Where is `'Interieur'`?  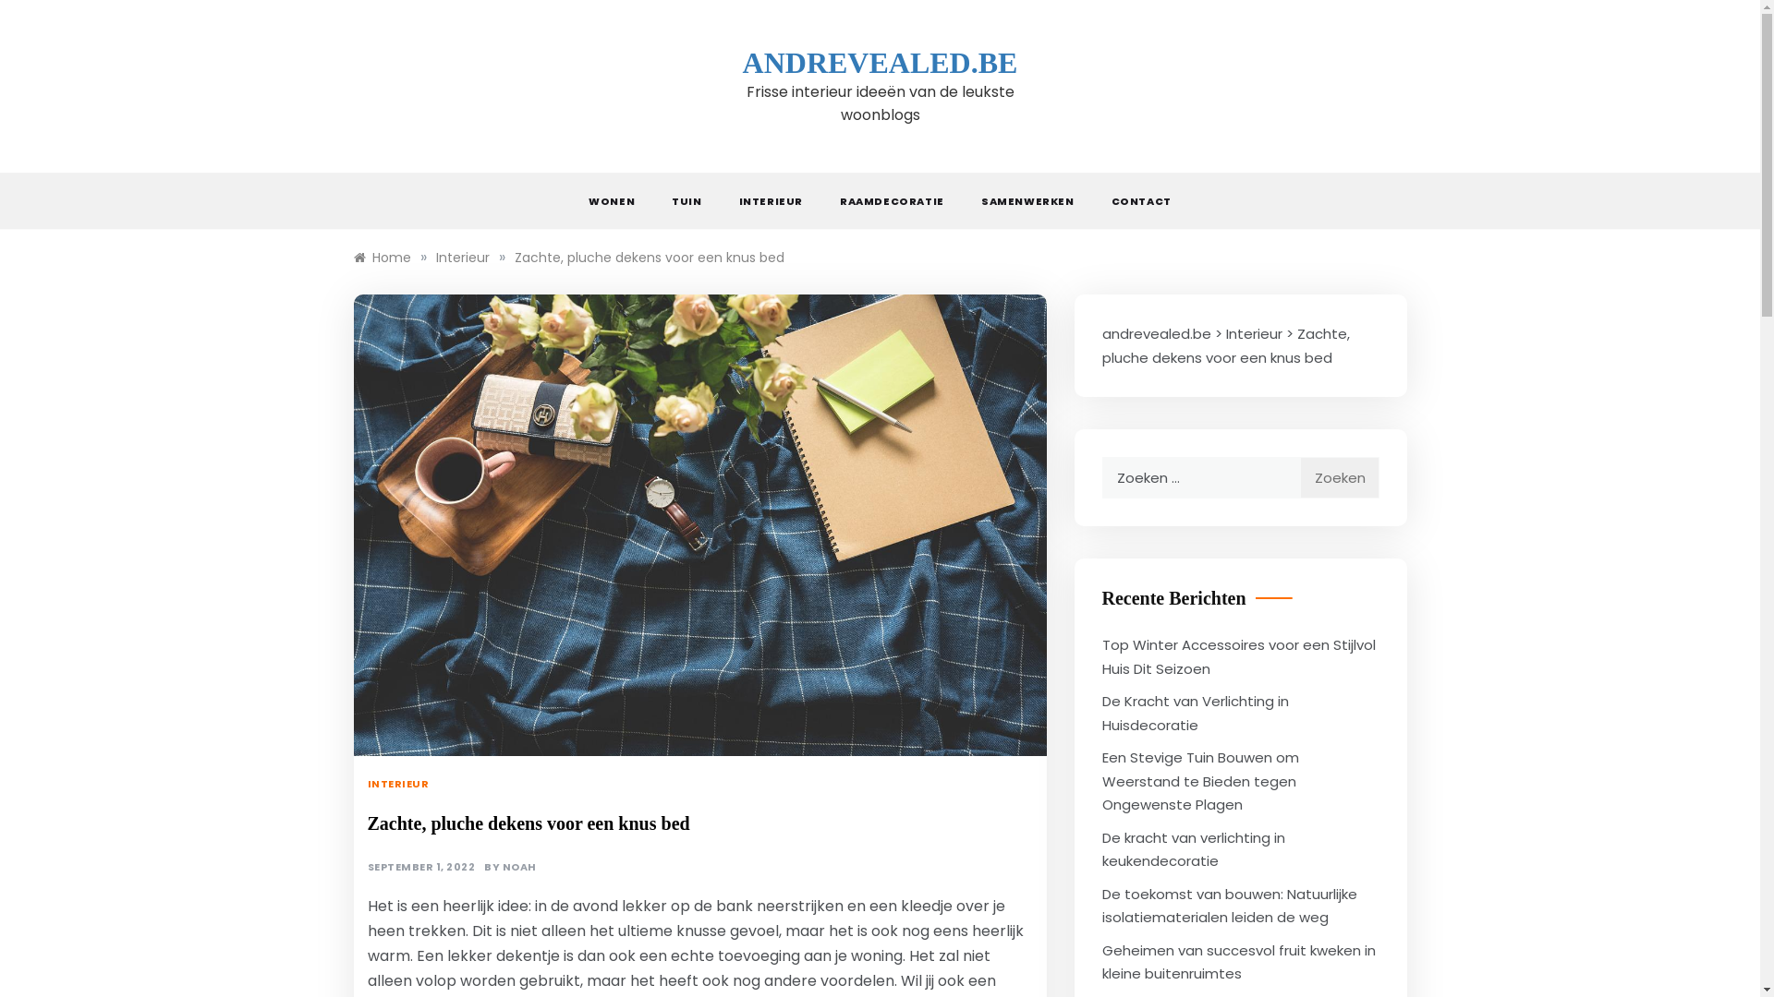 'Interieur' is located at coordinates (462, 257).